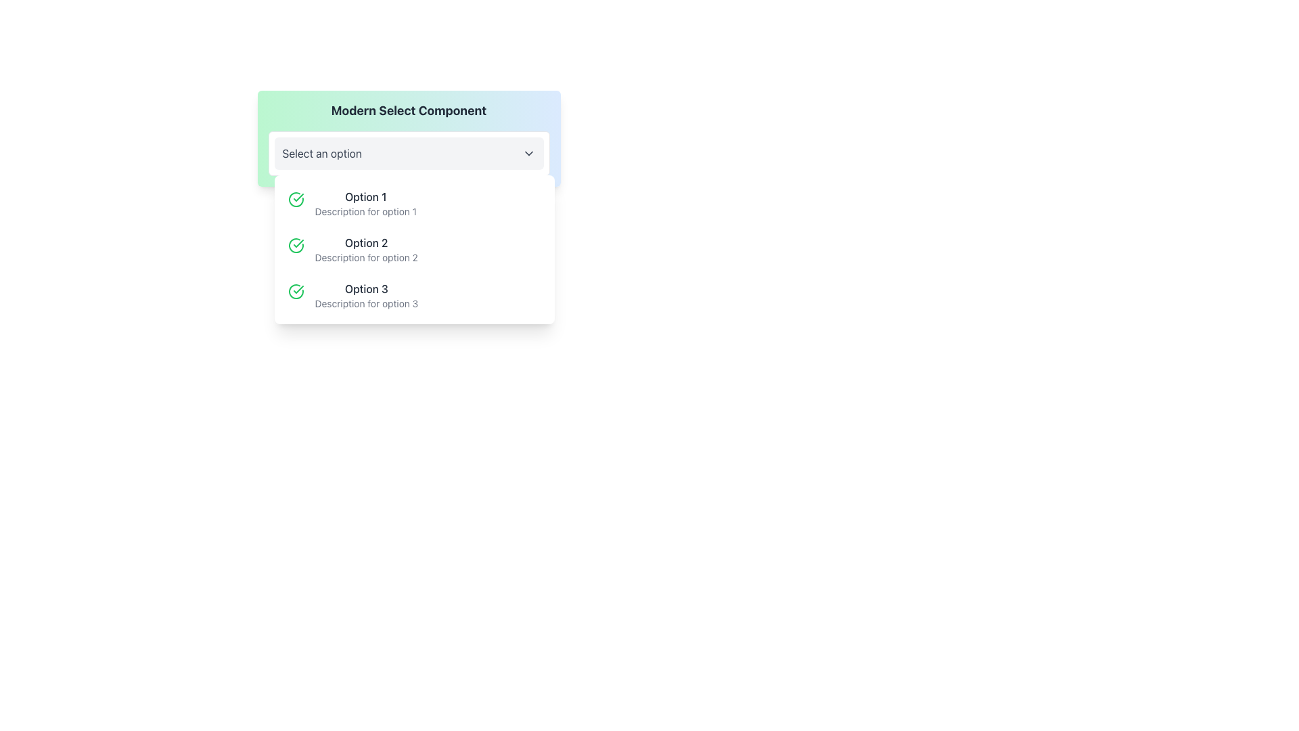 The height and width of the screenshot is (731, 1299). Describe the element at coordinates (413, 294) in the screenshot. I see `the third item in the dropdown menu labeled 'Modern Select Component' by clicking on 'Option 3' which has a green checkmark icon to the left` at that location.